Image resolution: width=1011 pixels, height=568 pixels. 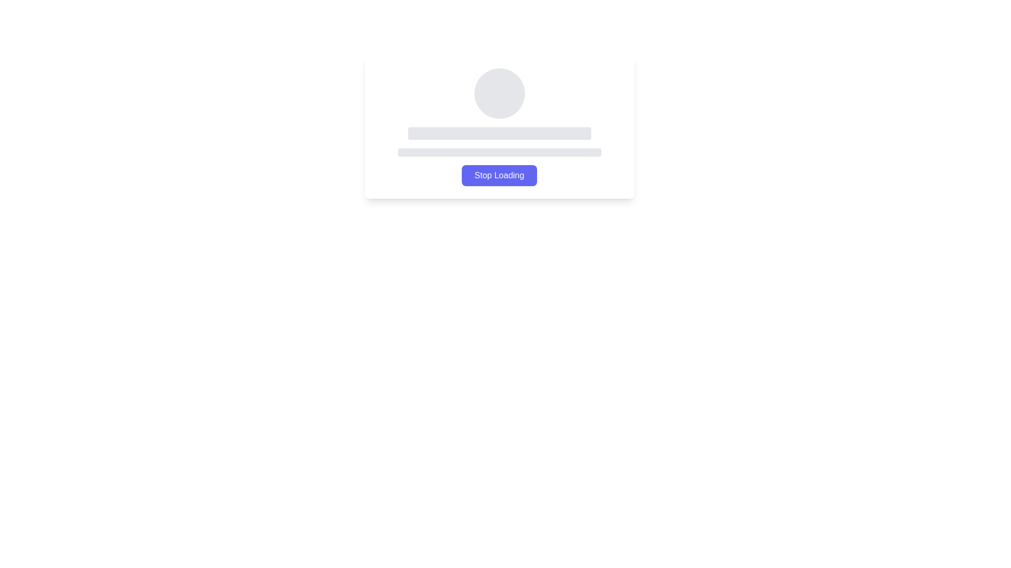 What do you see at coordinates (499, 175) in the screenshot?
I see `the 'Stop Loading' button, which is a purple button with white text, to observe the visual transition effect` at bounding box center [499, 175].